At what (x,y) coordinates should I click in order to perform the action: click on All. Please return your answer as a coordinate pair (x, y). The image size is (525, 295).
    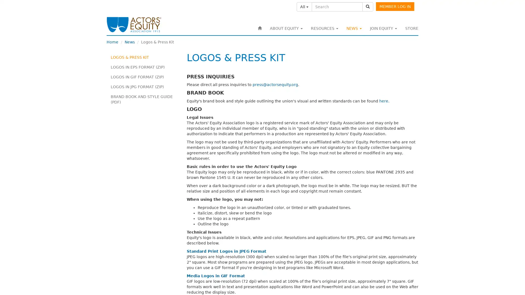
    Looking at the image, I should click on (304, 7).